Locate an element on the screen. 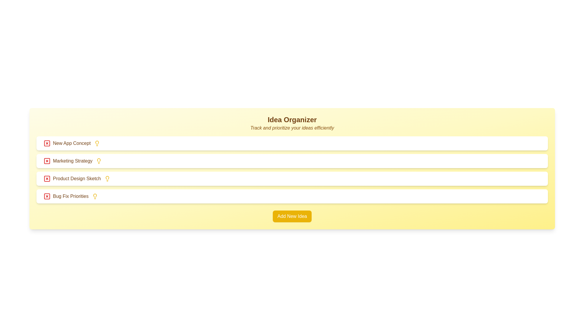 This screenshot has width=565, height=318. the text of the idea labeled Product Design Sketch for copying or editing is located at coordinates (72, 178).